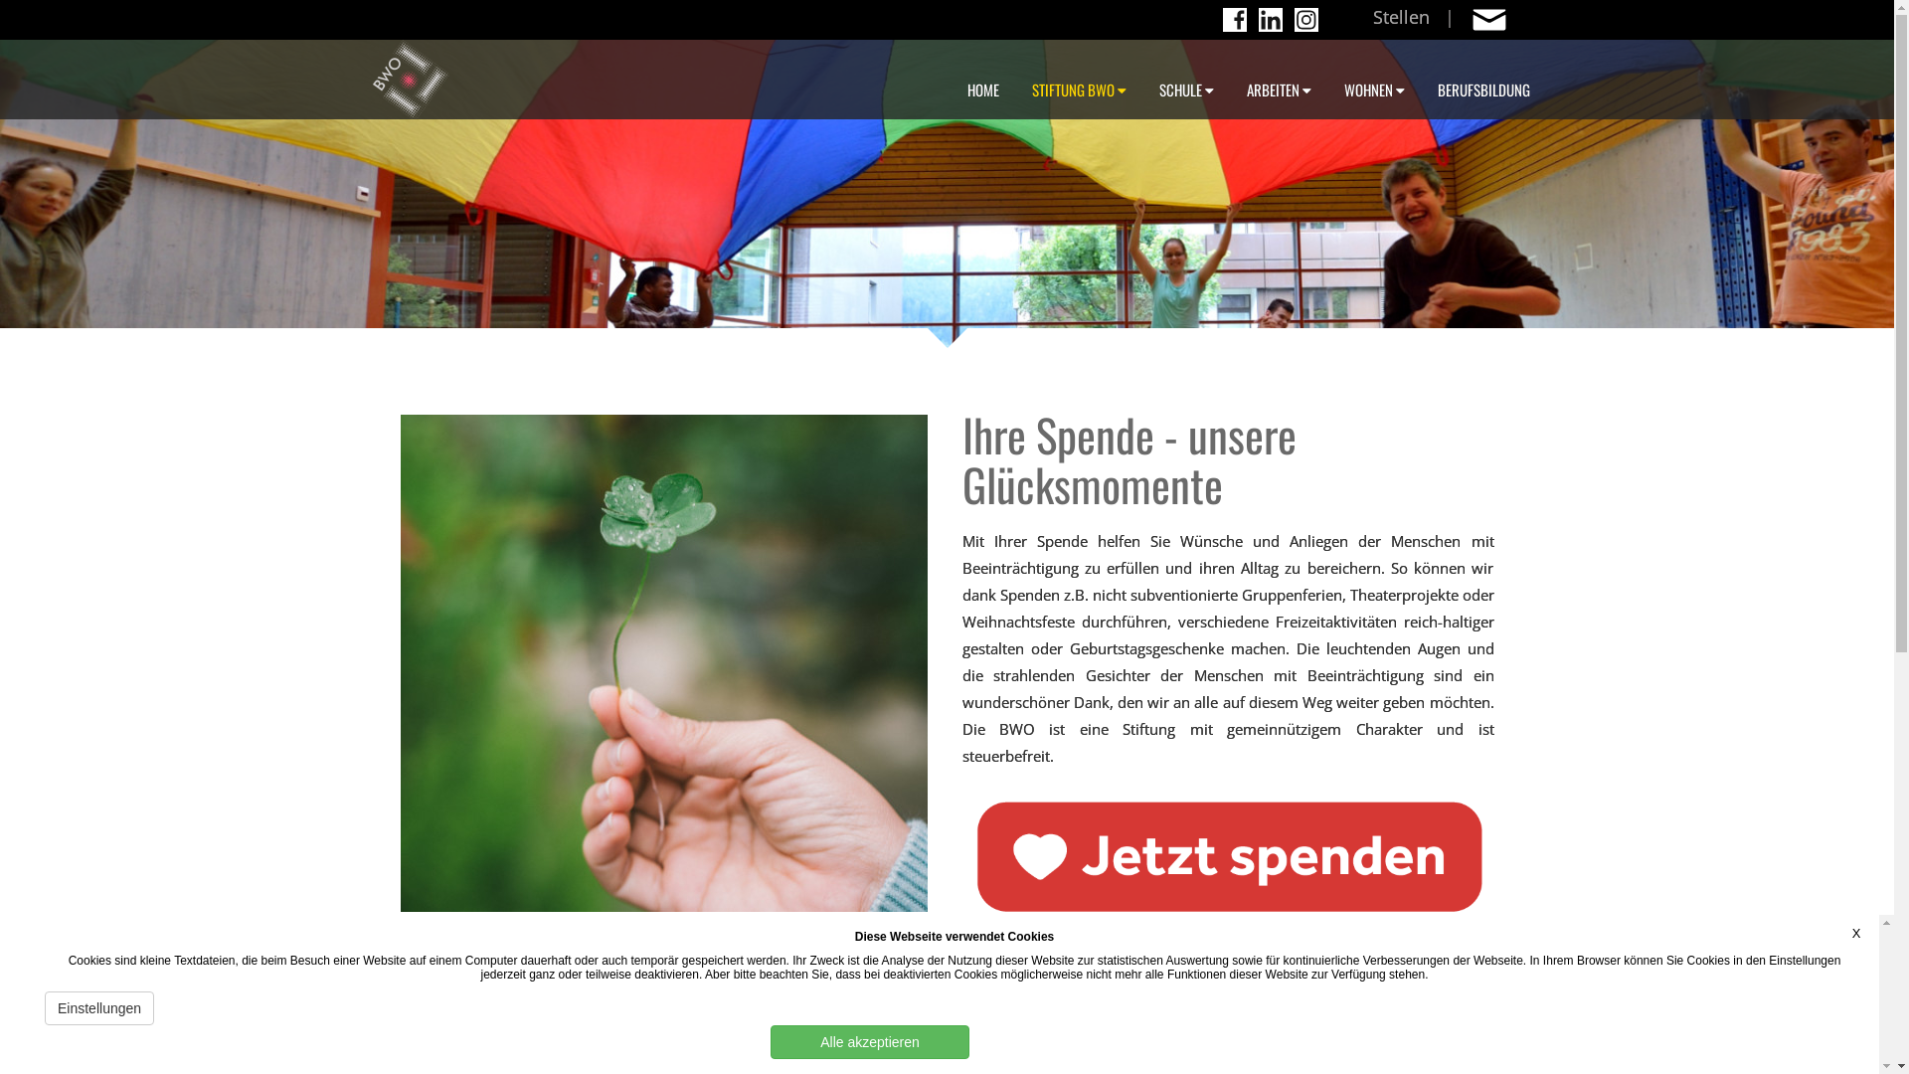 The height and width of the screenshot is (1074, 1909). Describe the element at coordinates (869, 1041) in the screenshot. I see `'Alle akzeptieren'` at that location.